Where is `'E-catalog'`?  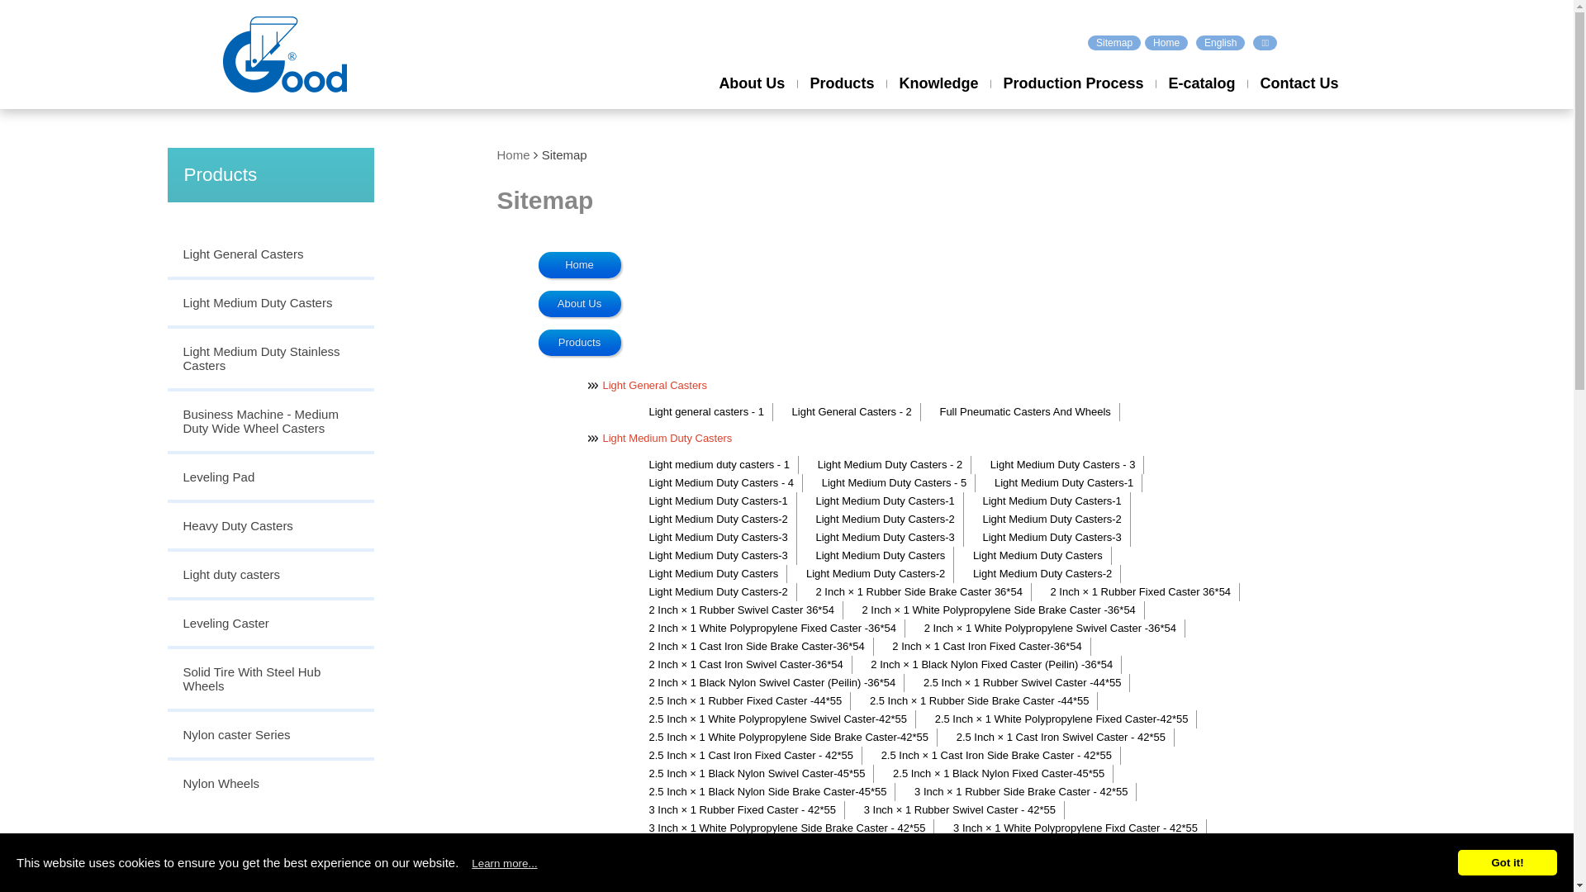
'E-catalog' is located at coordinates (1154, 98).